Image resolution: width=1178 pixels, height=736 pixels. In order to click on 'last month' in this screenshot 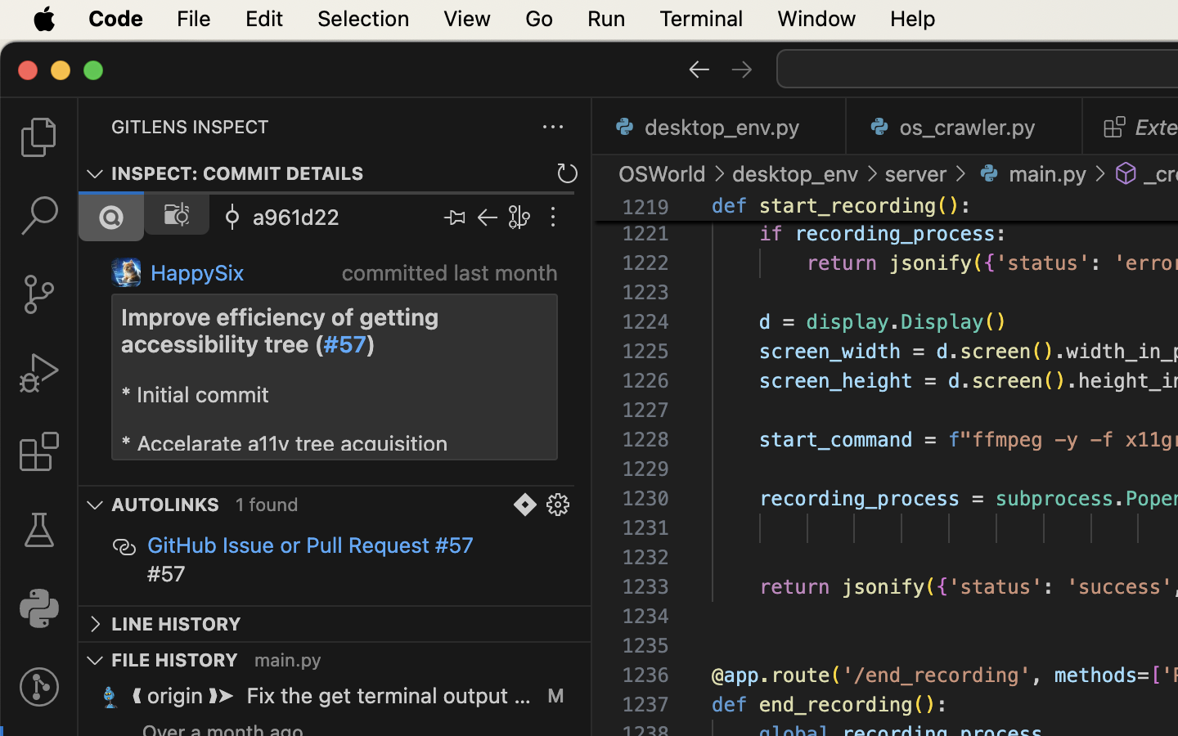, I will do `click(505, 272)`.